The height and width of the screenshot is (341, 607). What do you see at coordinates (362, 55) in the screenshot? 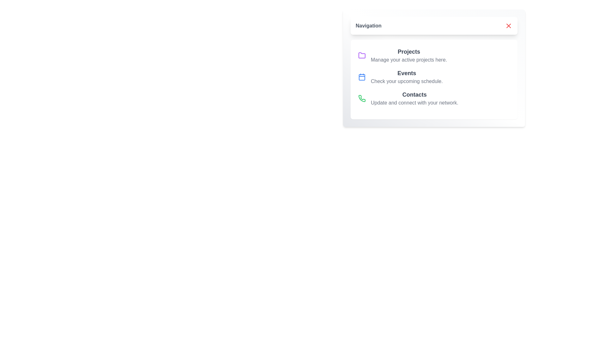
I see `the icon next to the menu item Projects` at bounding box center [362, 55].